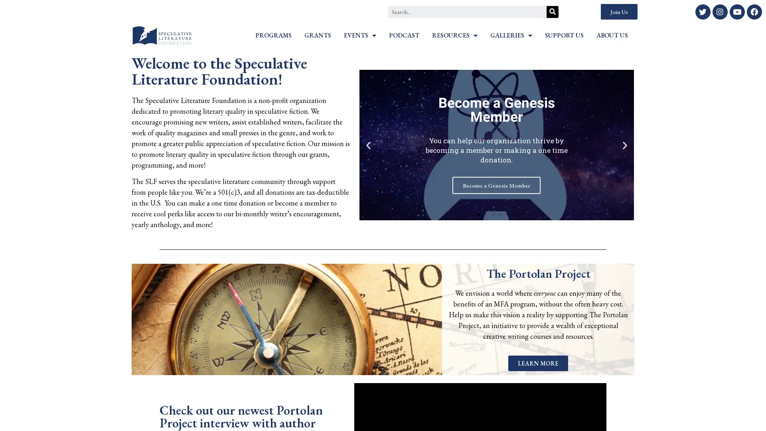 The image size is (766, 431). What do you see at coordinates (624, 145) in the screenshot?
I see `Next slide` at bounding box center [624, 145].